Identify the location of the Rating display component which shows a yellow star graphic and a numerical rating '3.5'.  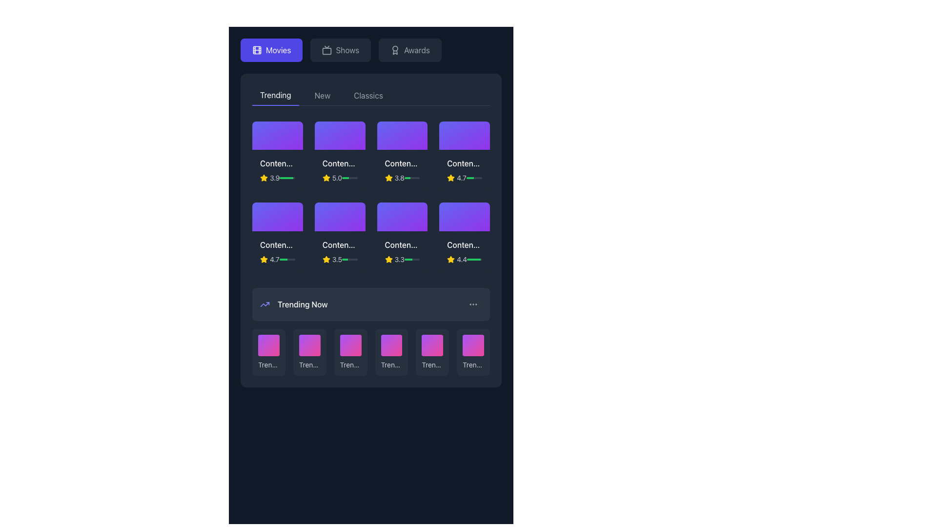
(332, 259).